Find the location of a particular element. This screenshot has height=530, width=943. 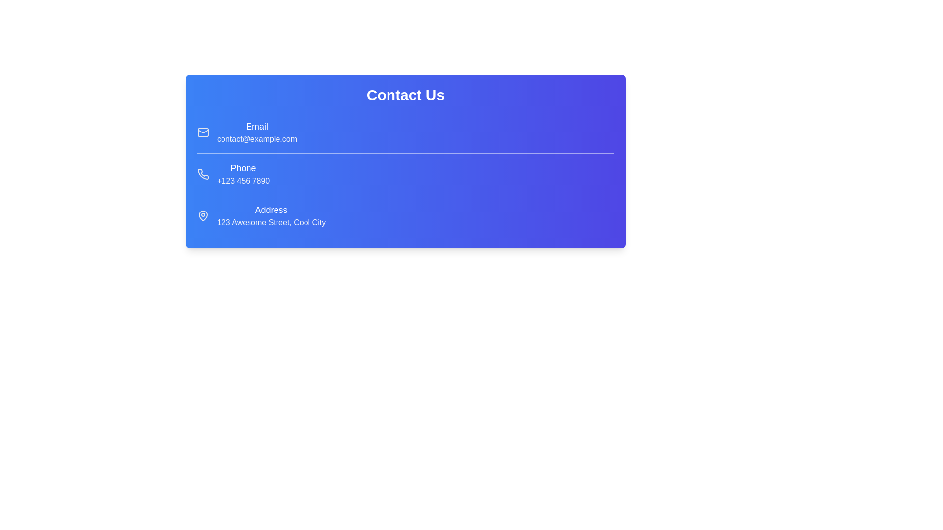

the phone number text '+123 456 7890' displayed in gray color below the 'Phone' label in the 'Contact Us' card section is located at coordinates (243, 181).